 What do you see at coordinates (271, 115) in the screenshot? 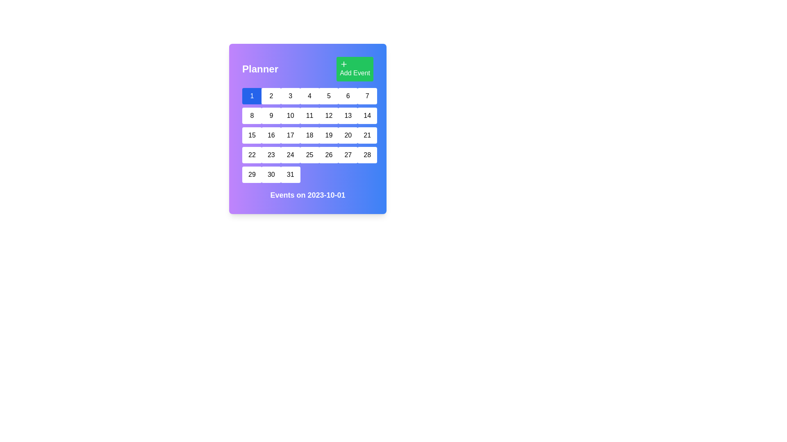
I see `the button representing the 9th day` at bounding box center [271, 115].